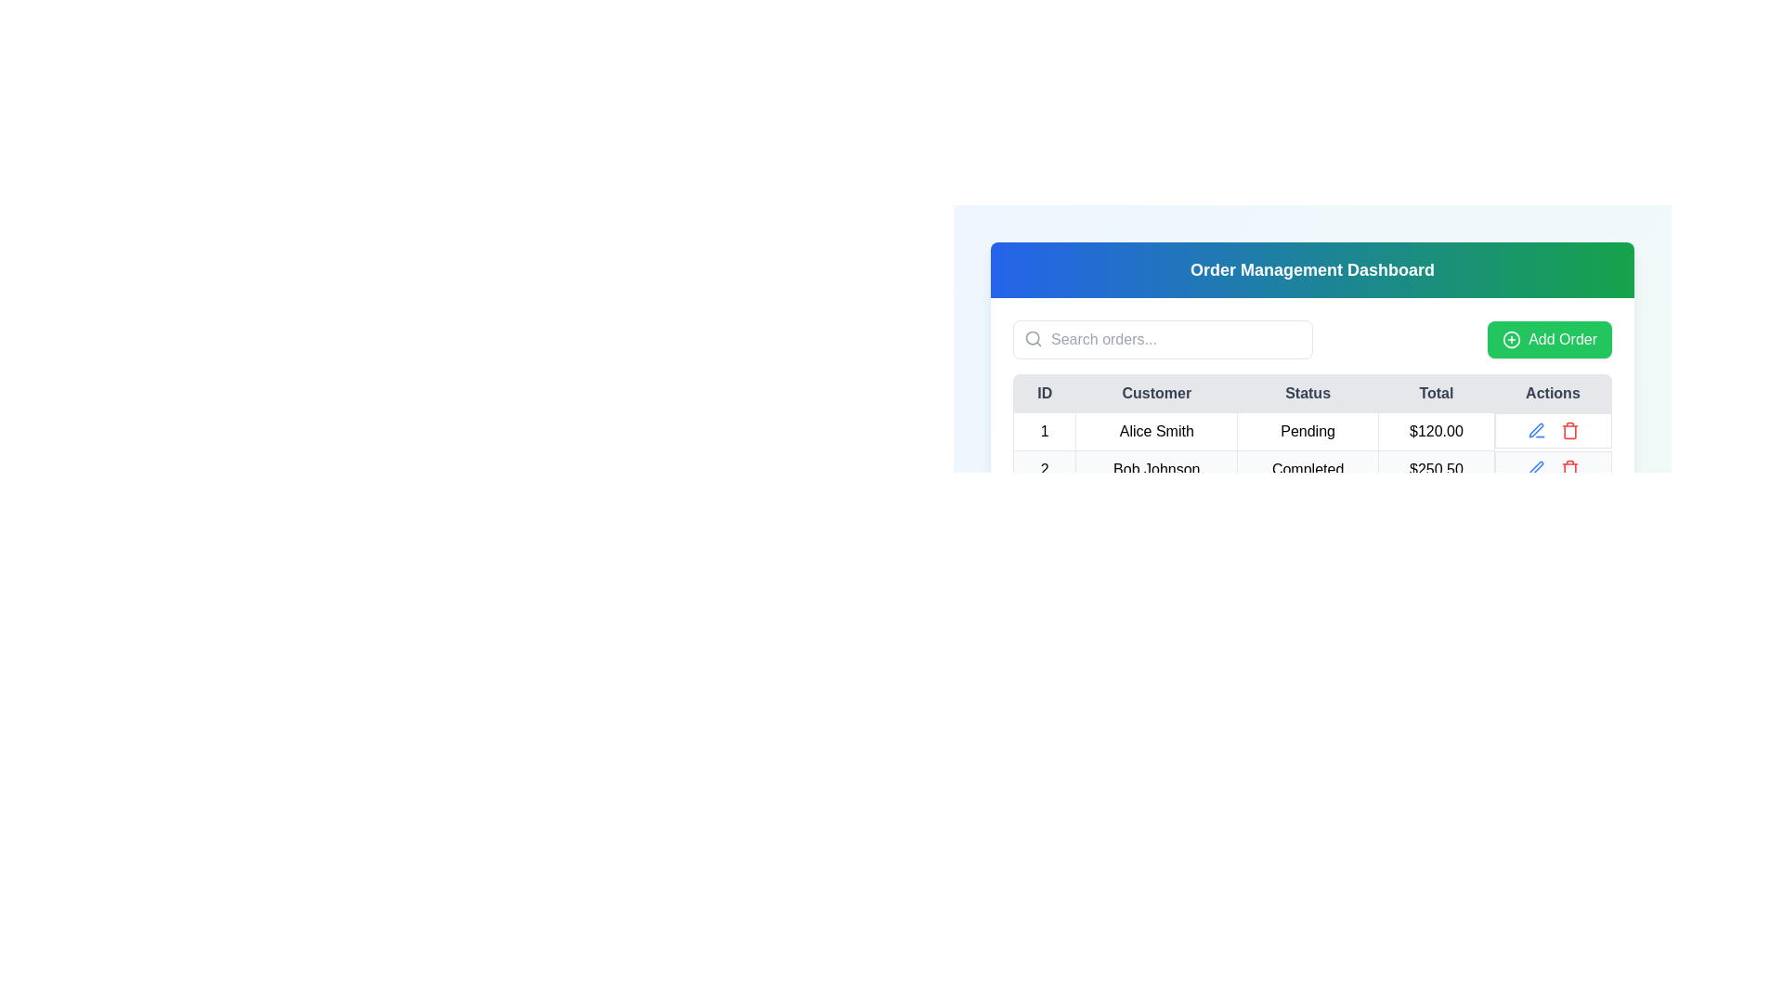  Describe the element at coordinates (1568, 430) in the screenshot. I see `the delete button icon located in the 'Actions' column of the data table, specifically associated with the second row entry, to possibly view a tooltip` at that location.